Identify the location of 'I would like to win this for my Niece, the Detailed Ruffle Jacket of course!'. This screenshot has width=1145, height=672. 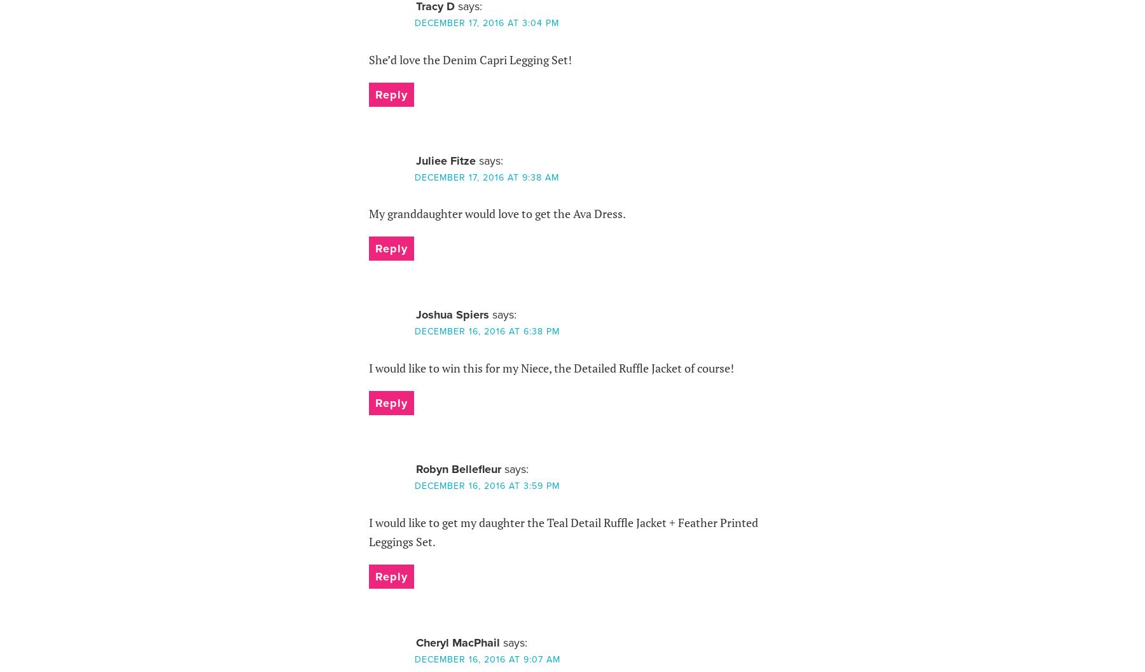
(550, 367).